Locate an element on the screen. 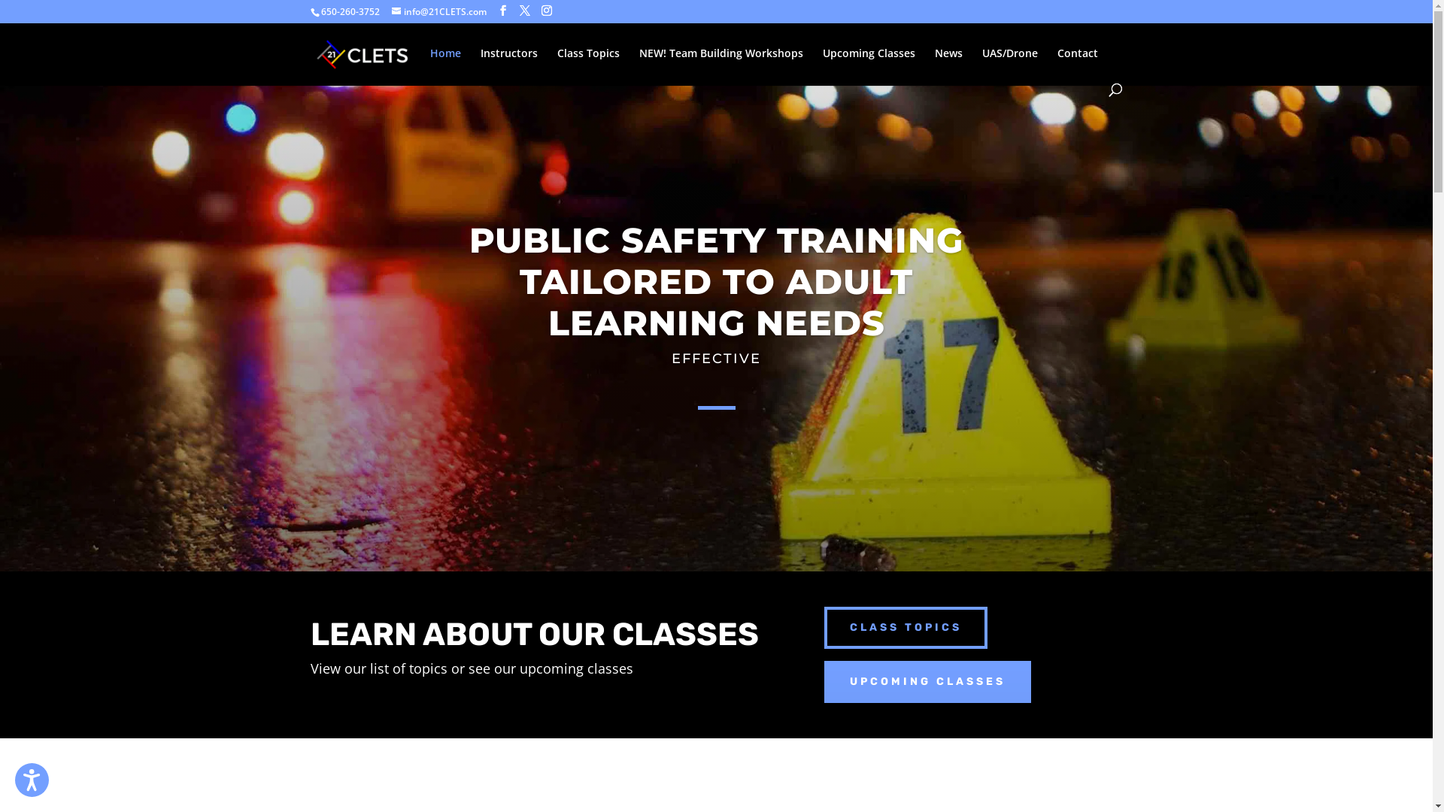  'CLASS TOPICS' is located at coordinates (905, 627).